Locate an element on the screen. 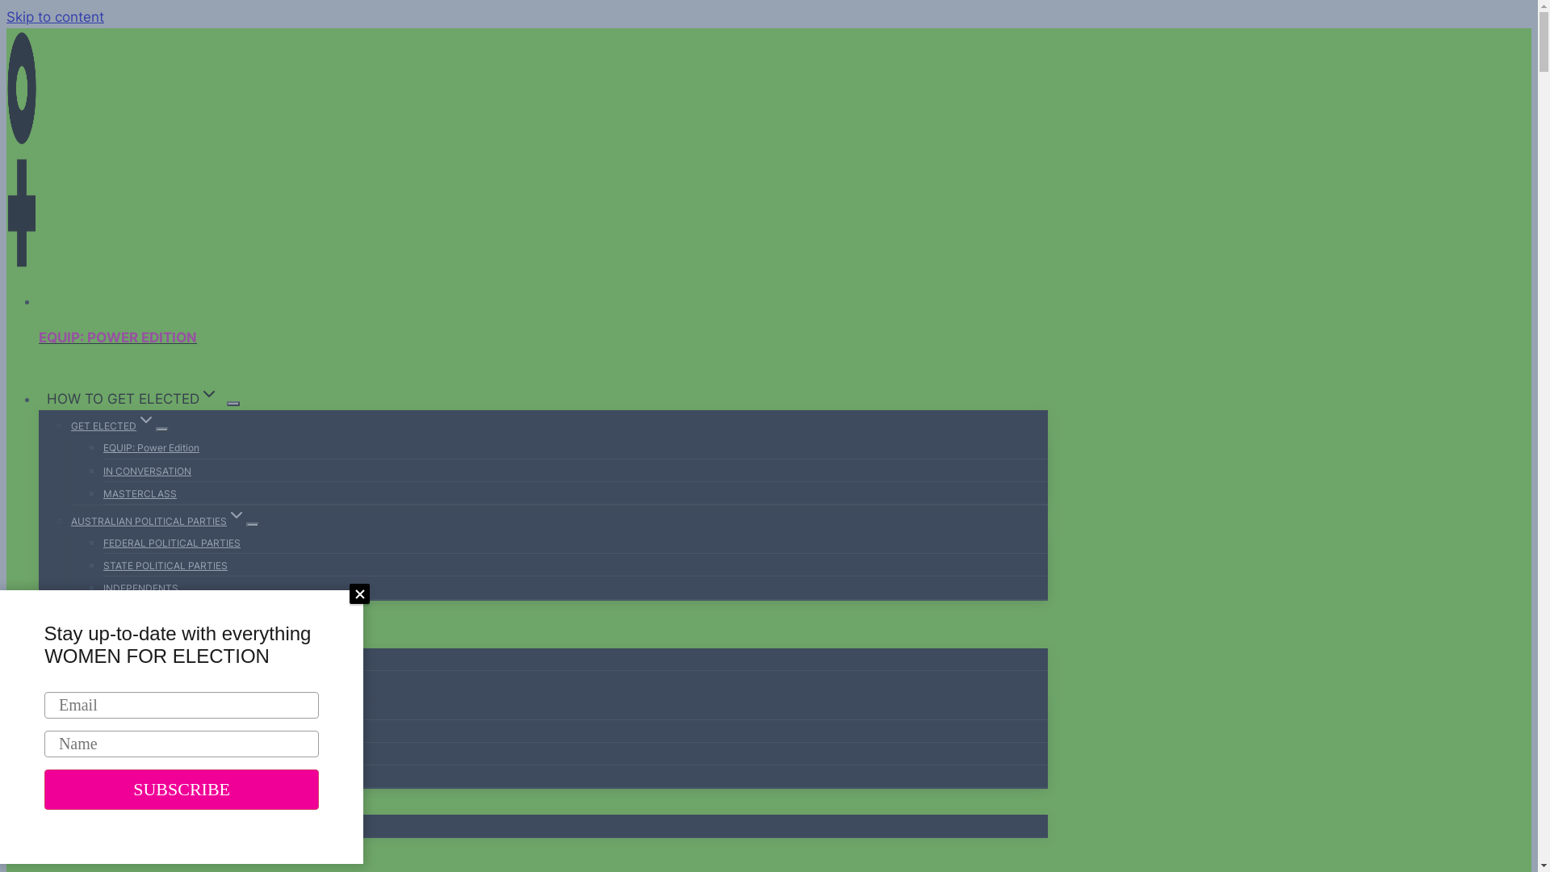 The height and width of the screenshot is (872, 1550). 'ABOUT USExpand' is located at coordinates (91, 635).